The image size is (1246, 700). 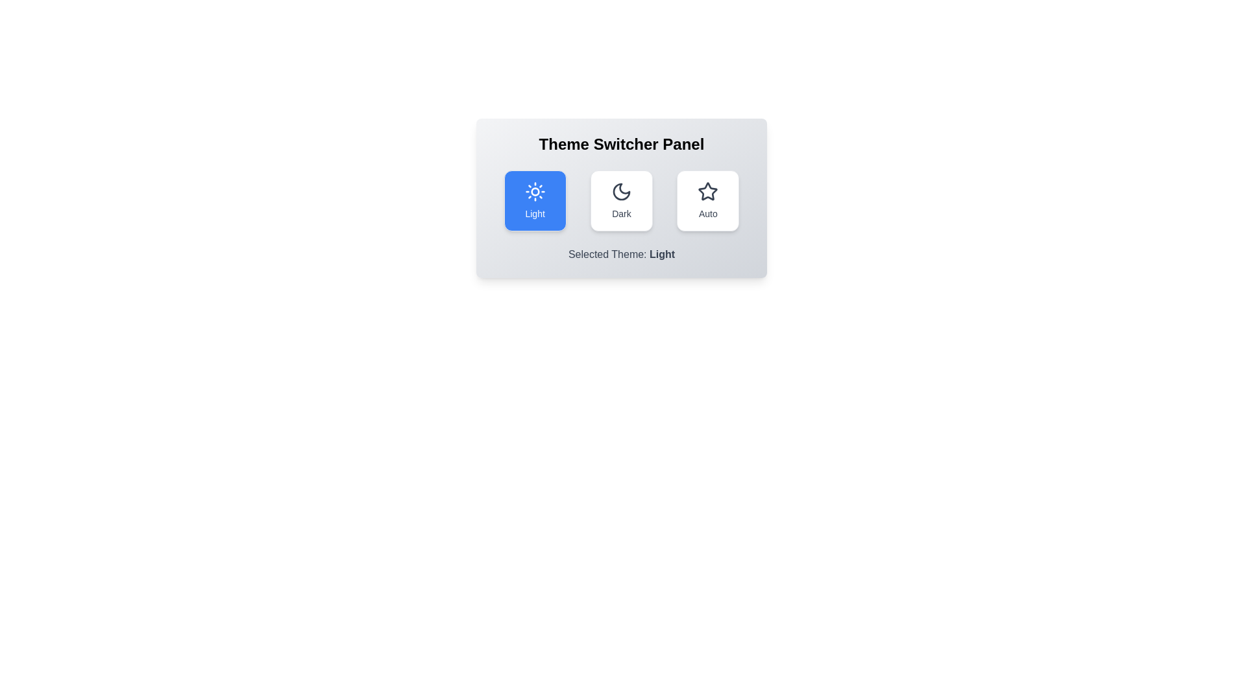 I want to click on the text label displaying 'Selected Theme: Light', which is centrally located at the bottom of the 'Theme Switcher Panel' card layout, so click(x=621, y=255).